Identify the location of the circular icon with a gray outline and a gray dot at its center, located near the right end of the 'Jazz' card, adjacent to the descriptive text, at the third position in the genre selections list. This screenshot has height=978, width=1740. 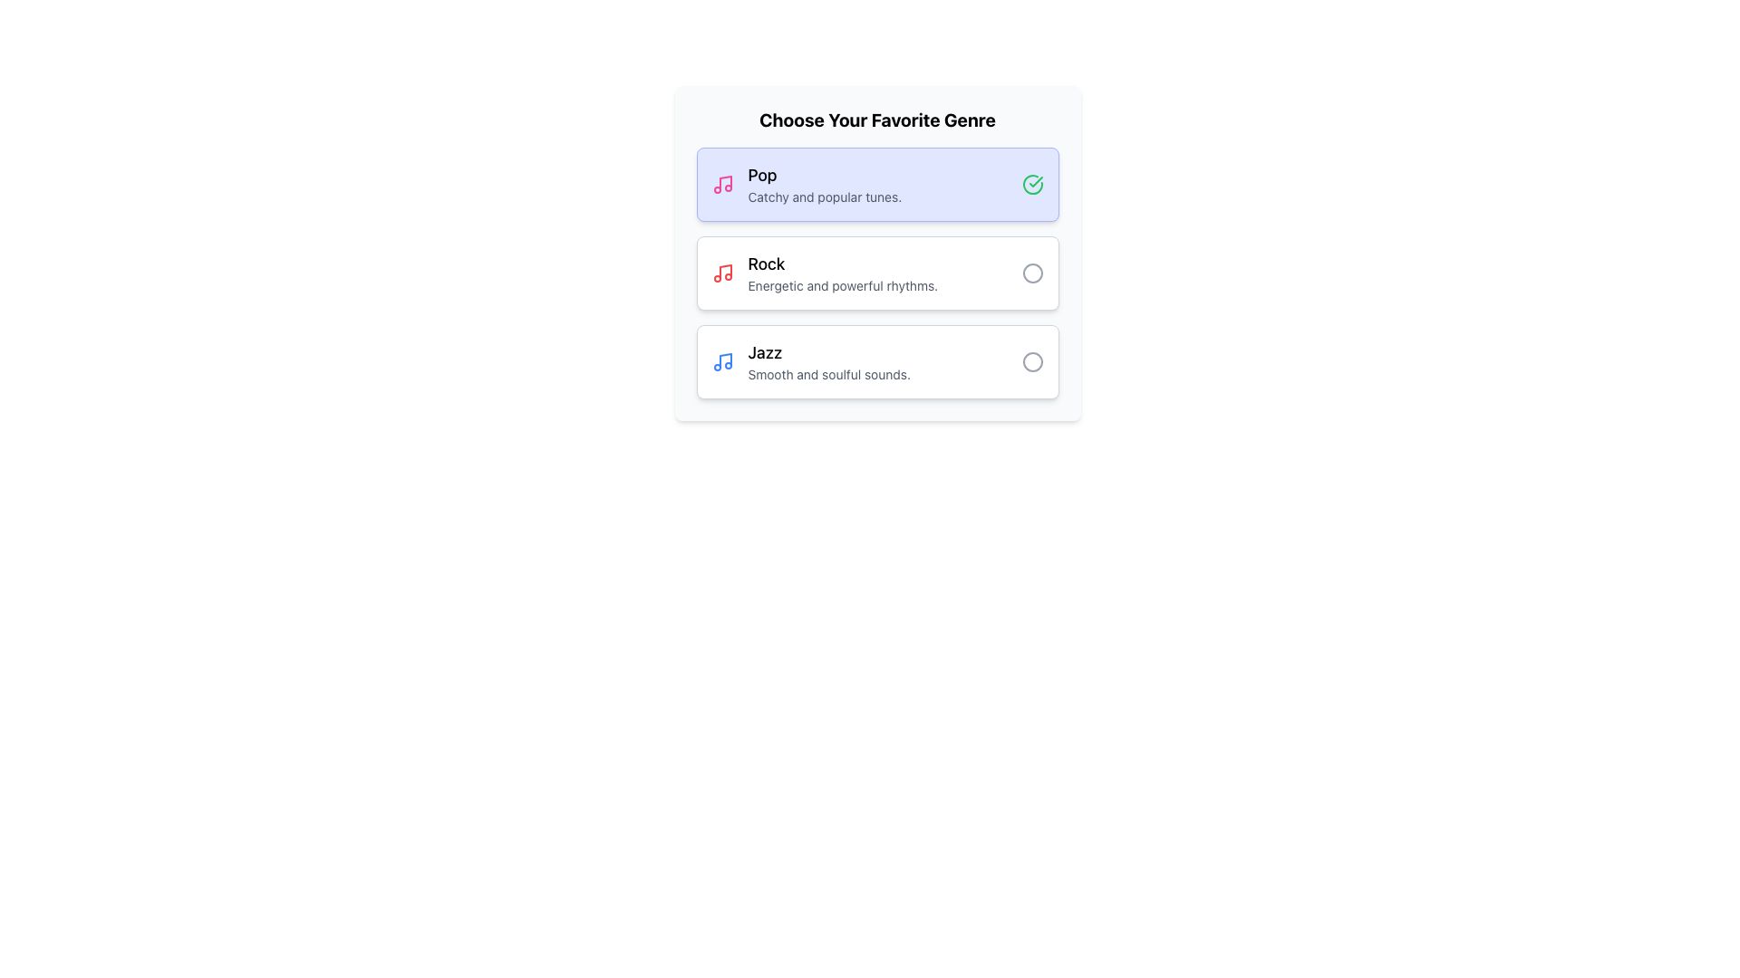
(1032, 362).